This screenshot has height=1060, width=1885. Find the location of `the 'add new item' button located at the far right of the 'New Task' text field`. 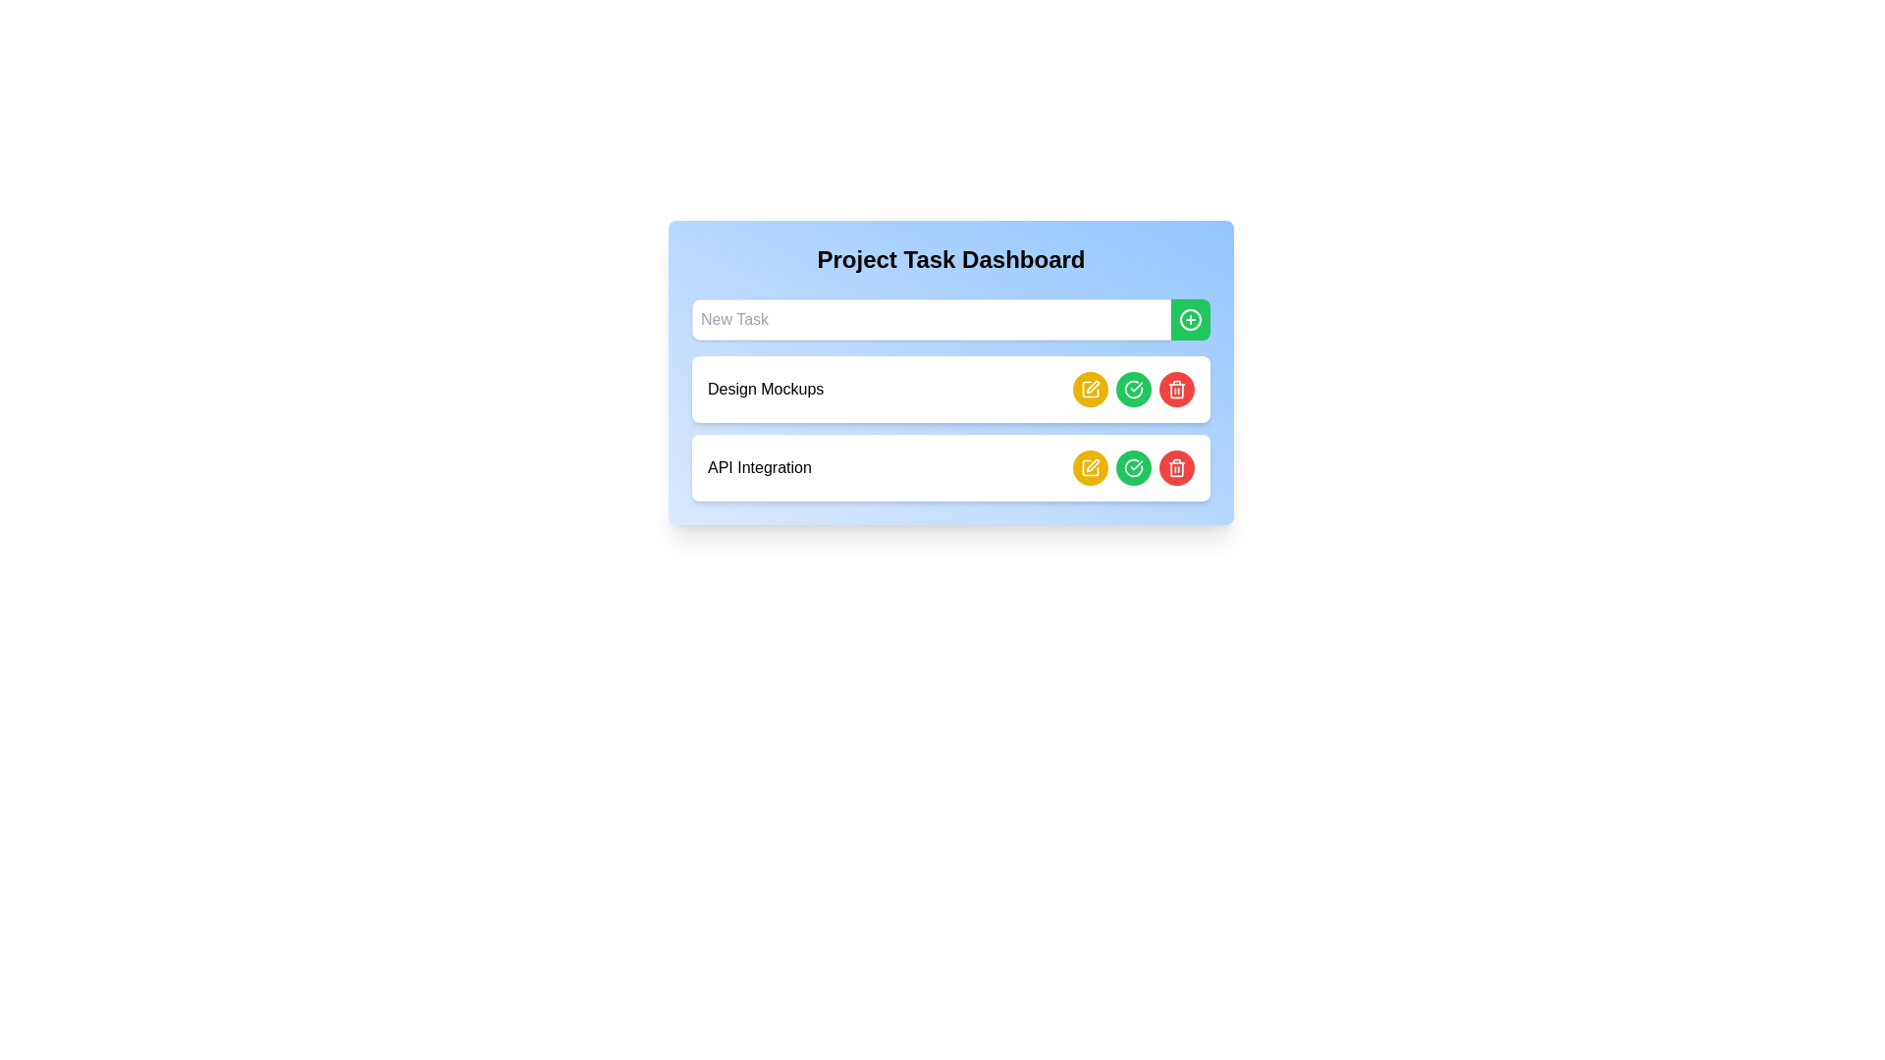

the 'add new item' button located at the far right of the 'New Task' text field is located at coordinates (1190, 319).